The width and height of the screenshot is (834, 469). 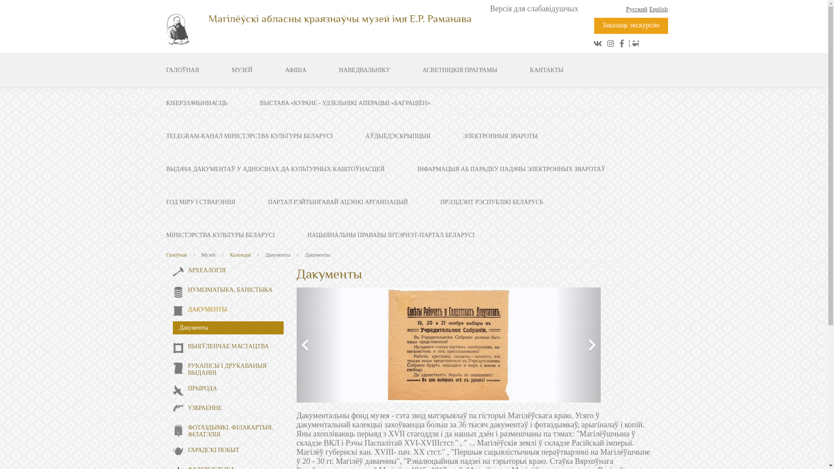 What do you see at coordinates (659, 9) in the screenshot?
I see `'English'` at bounding box center [659, 9].